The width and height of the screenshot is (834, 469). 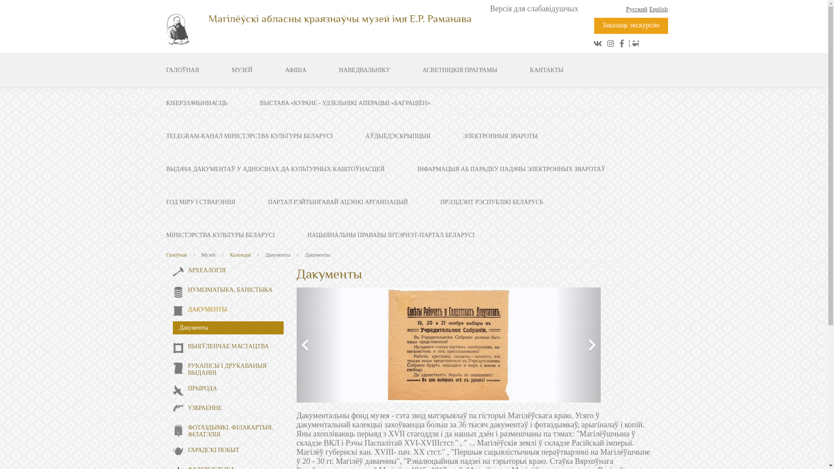 What do you see at coordinates (659, 9) in the screenshot?
I see `'English'` at bounding box center [659, 9].